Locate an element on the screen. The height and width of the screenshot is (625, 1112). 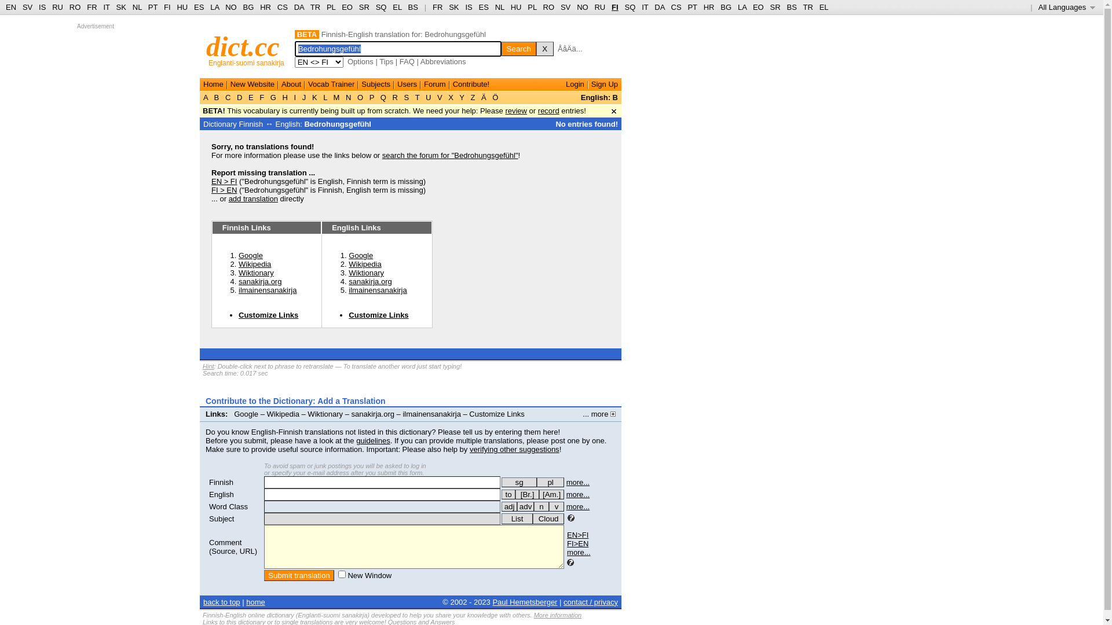
'BS' is located at coordinates (791, 7).